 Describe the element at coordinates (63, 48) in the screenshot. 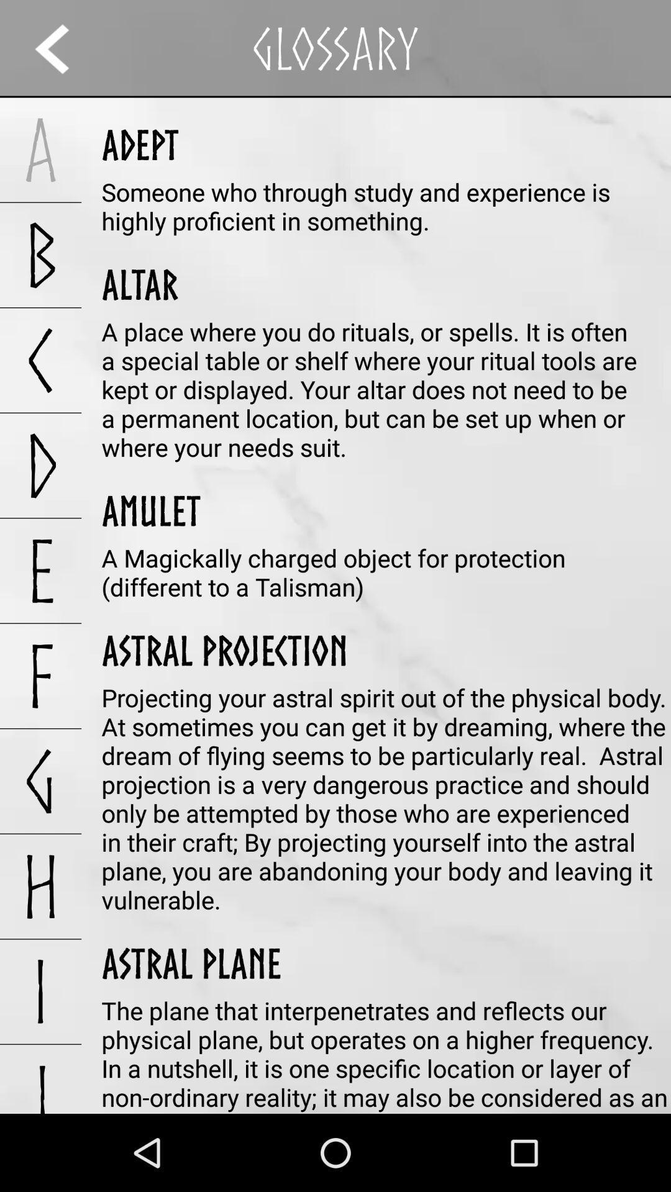

I see `go back` at that location.